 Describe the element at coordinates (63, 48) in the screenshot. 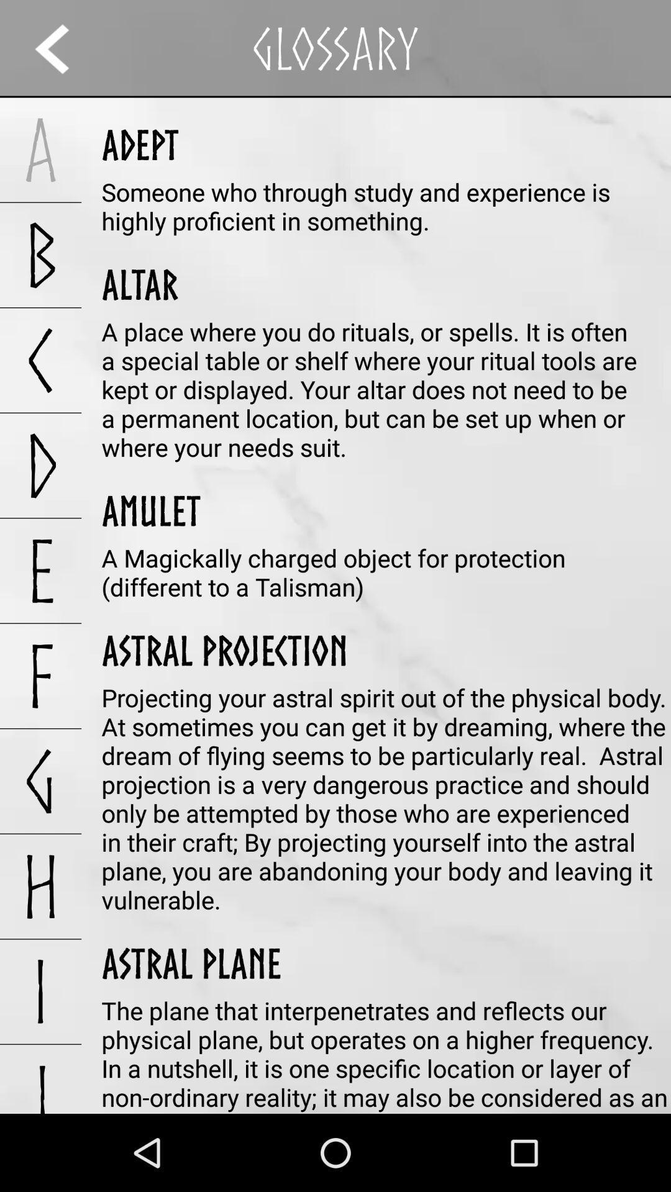

I see `go back` at that location.